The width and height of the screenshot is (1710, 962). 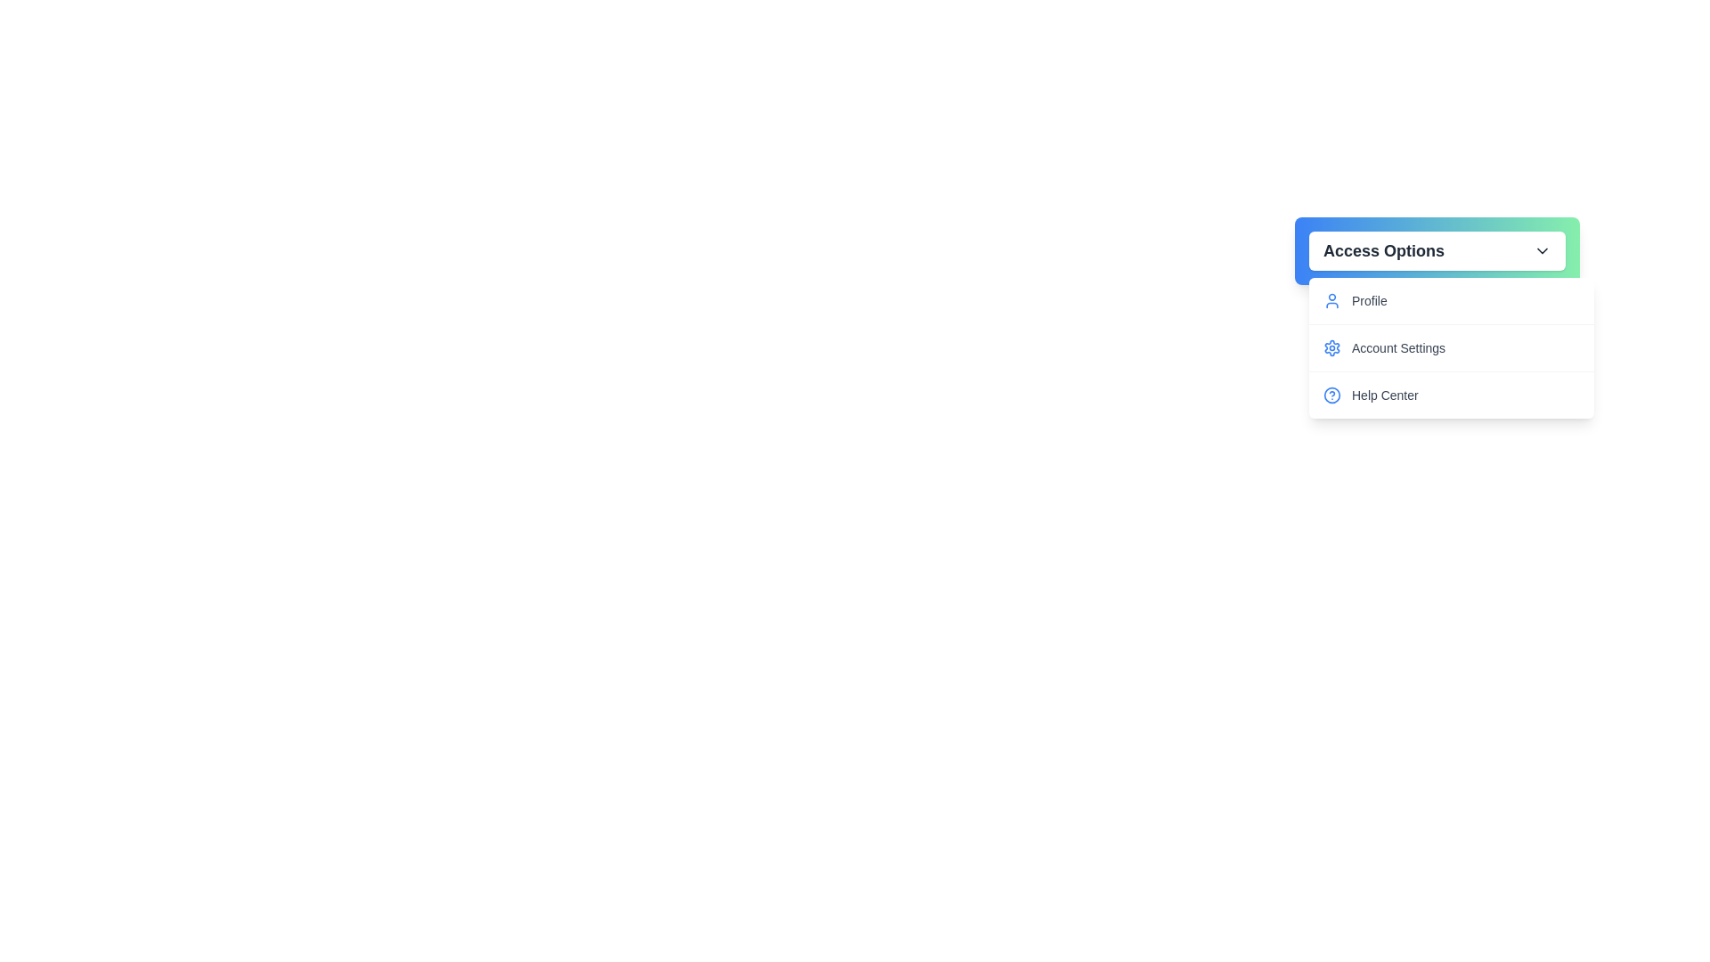 What do you see at coordinates (1437, 250) in the screenshot?
I see `the 'Access Options' dropdown toggle button located at the top of the vertical menu panel for rapid activation` at bounding box center [1437, 250].